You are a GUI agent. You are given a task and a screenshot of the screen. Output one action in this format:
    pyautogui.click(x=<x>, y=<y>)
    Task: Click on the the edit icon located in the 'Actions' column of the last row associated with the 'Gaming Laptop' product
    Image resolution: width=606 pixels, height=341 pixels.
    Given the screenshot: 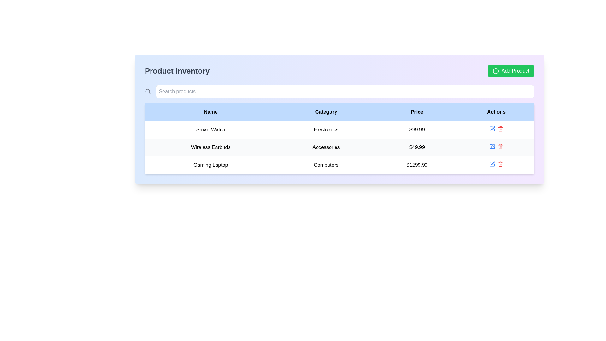 What is the action you would take?
    pyautogui.click(x=492, y=129)
    